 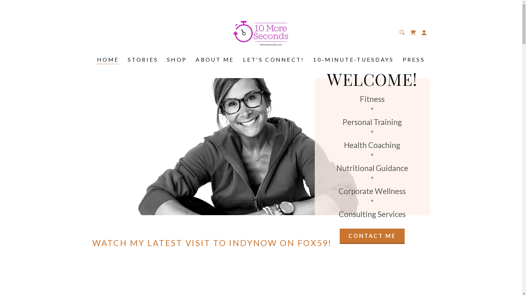 What do you see at coordinates (194, 59) in the screenshot?
I see `'ABOUT ME'` at bounding box center [194, 59].